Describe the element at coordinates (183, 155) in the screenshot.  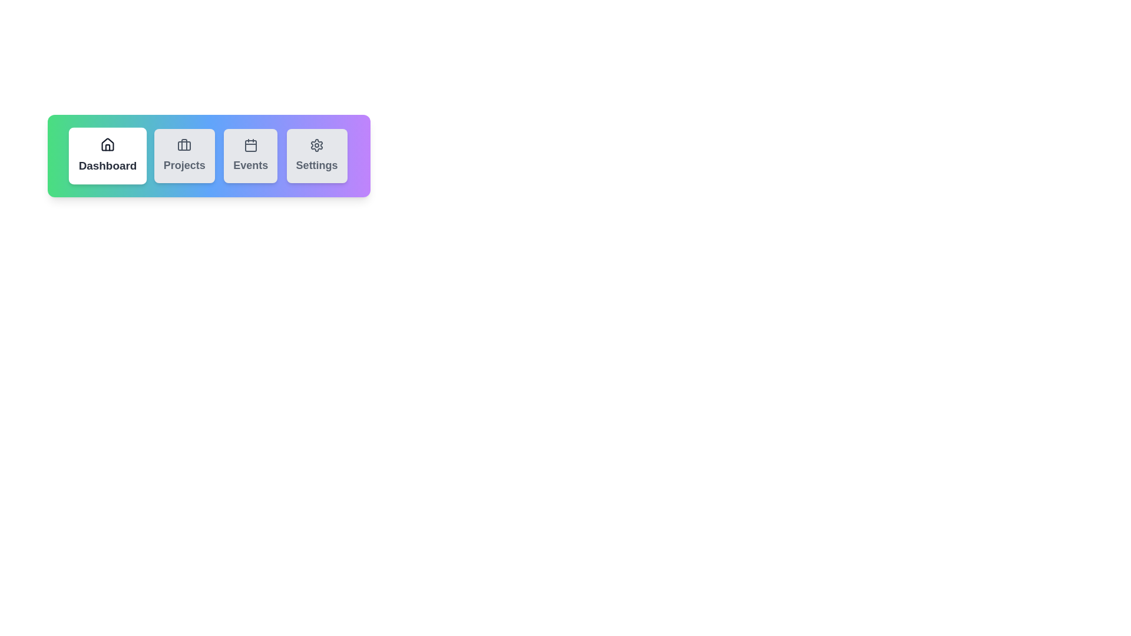
I see `the Projects tab to preview its hover effect` at that location.